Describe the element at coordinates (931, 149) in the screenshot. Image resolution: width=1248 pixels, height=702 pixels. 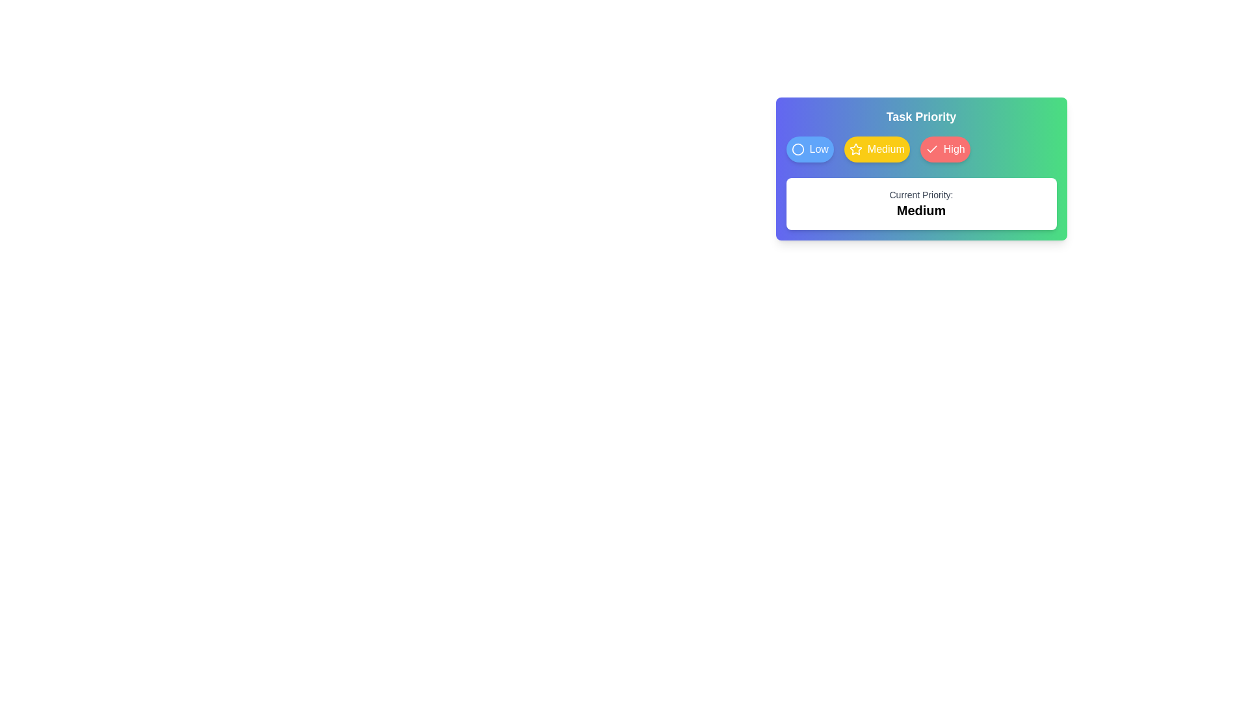
I see `the 'High' priority SVG icon located within the red circular button in the 'Task Priority' section of the interface to confirm its selection` at that location.